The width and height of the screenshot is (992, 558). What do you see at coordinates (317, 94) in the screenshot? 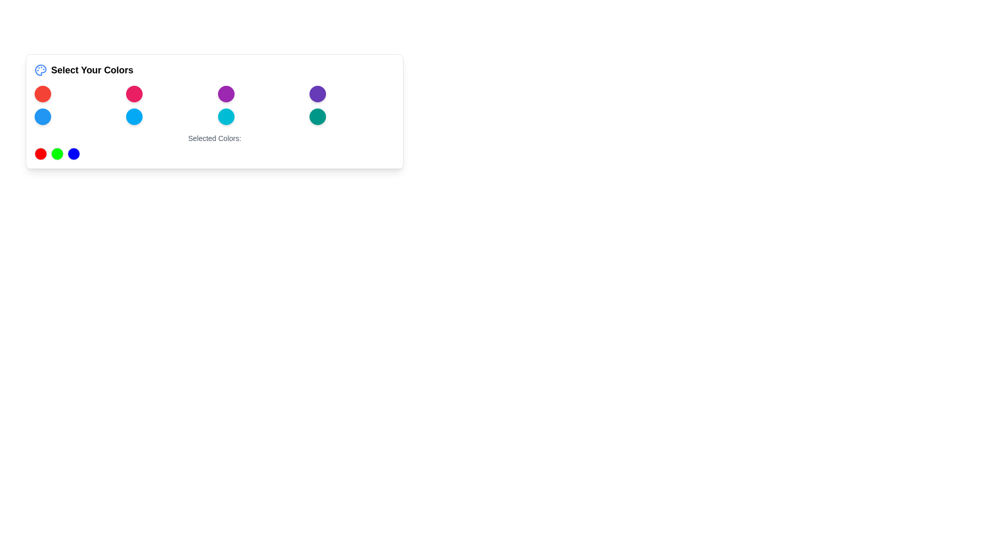
I see `the circular button with a purple background located in the first row and fourth column of a 4x2 grid layout` at bounding box center [317, 94].